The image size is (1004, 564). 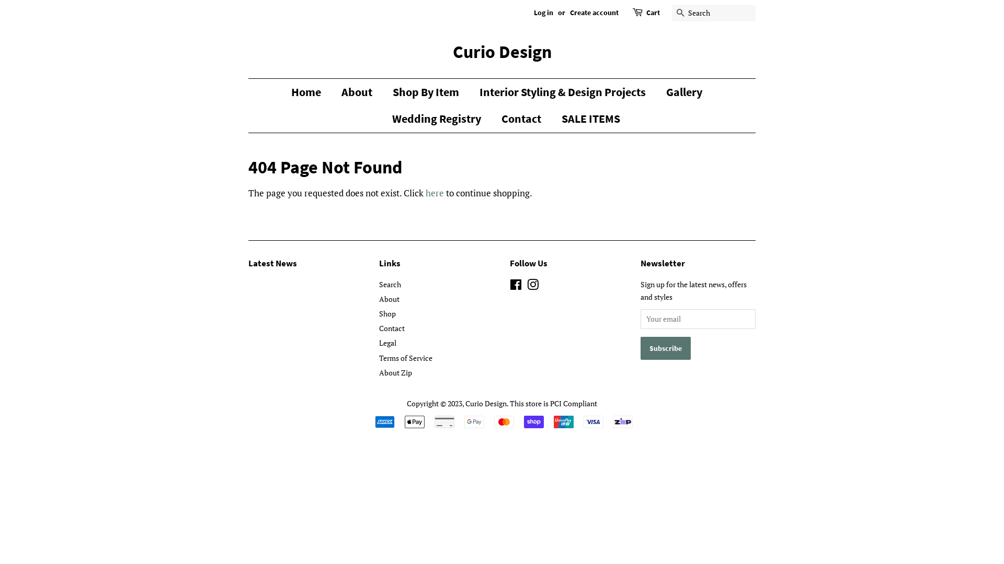 What do you see at coordinates (358, 91) in the screenshot?
I see `'About'` at bounding box center [358, 91].